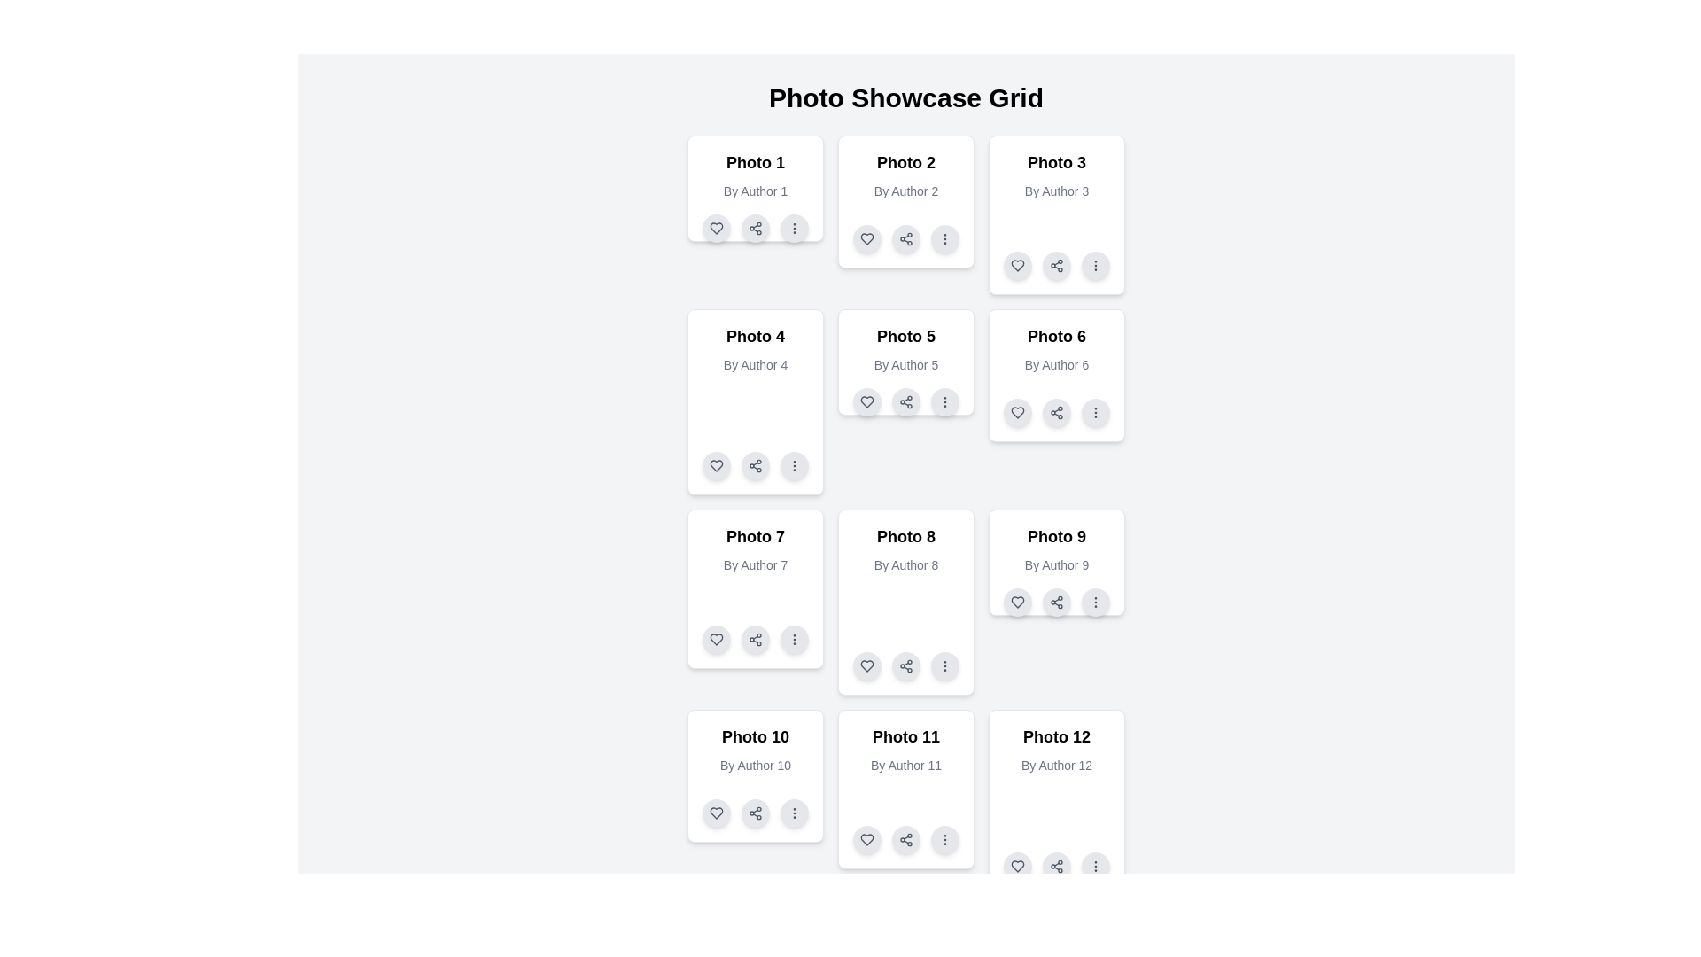 The height and width of the screenshot is (957, 1701). What do you see at coordinates (717, 639) in the screenshot?
I see `the heart icon, which is a gray outline icon located in the control panel of the seventh photo card, to like the associated photo` at bounding box center [717, 639].